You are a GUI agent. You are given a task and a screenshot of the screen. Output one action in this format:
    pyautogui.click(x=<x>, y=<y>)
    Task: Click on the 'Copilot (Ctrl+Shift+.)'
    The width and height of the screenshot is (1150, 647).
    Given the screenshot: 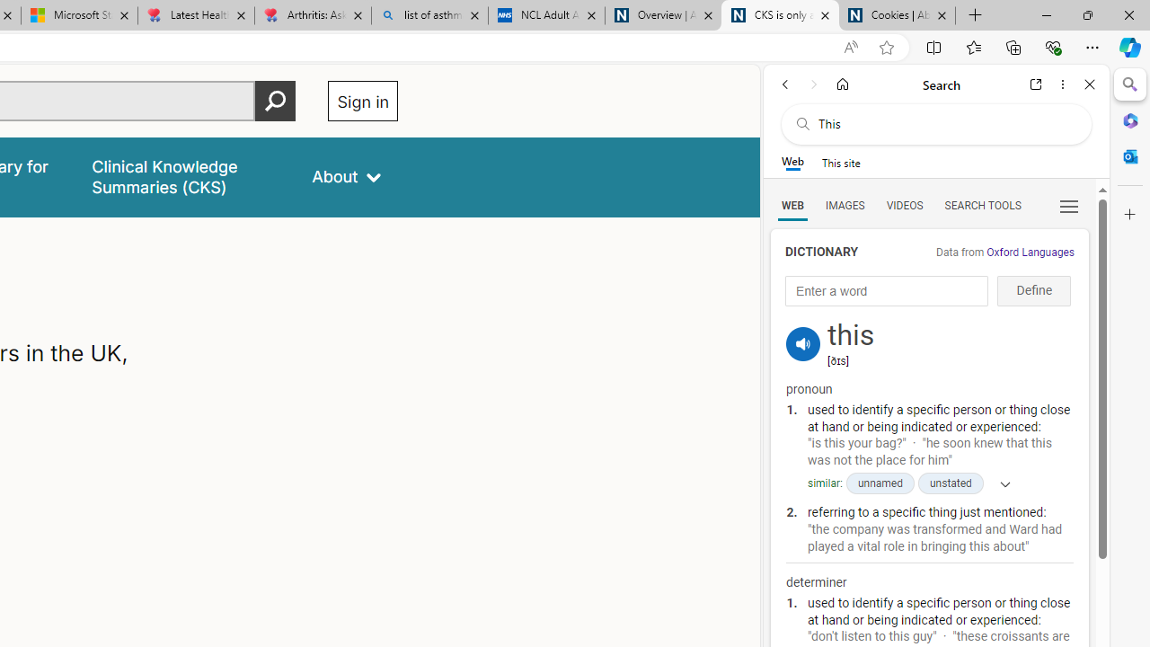 What is the action you would take?
    pyautogui.click(x=1129, y=46)
    